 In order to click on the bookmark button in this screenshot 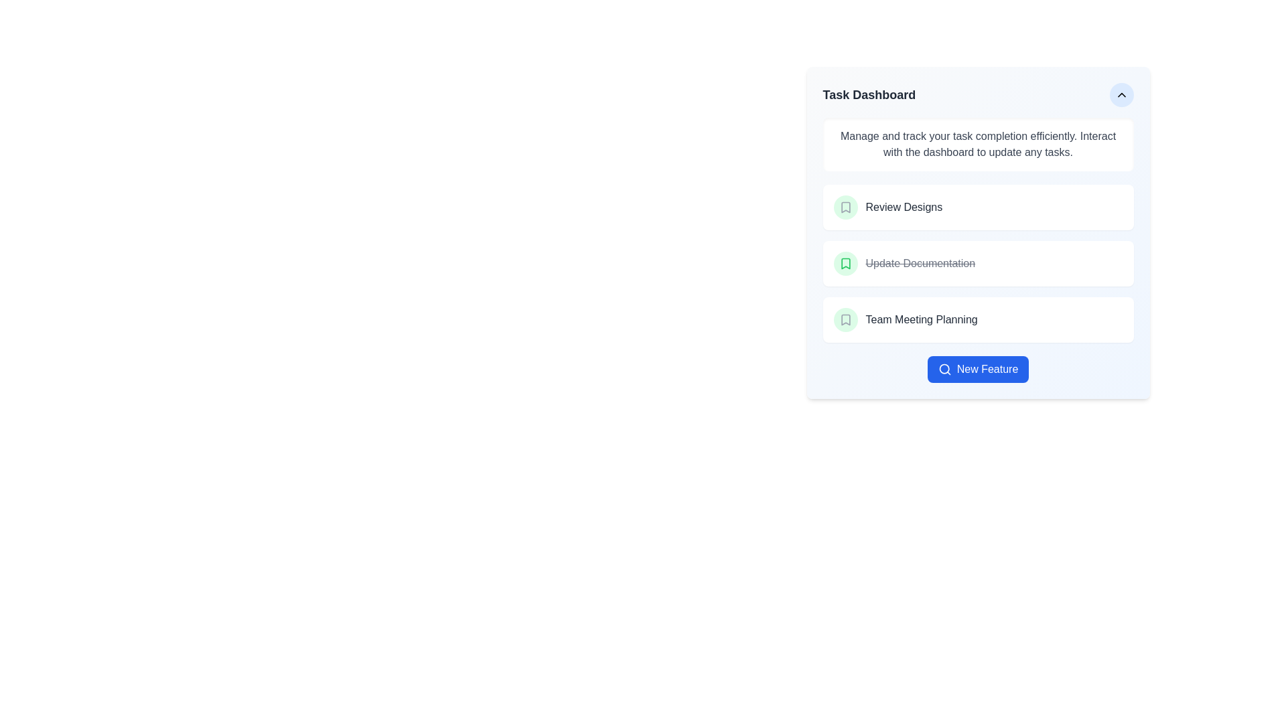, I will do `click(845, 320)`.